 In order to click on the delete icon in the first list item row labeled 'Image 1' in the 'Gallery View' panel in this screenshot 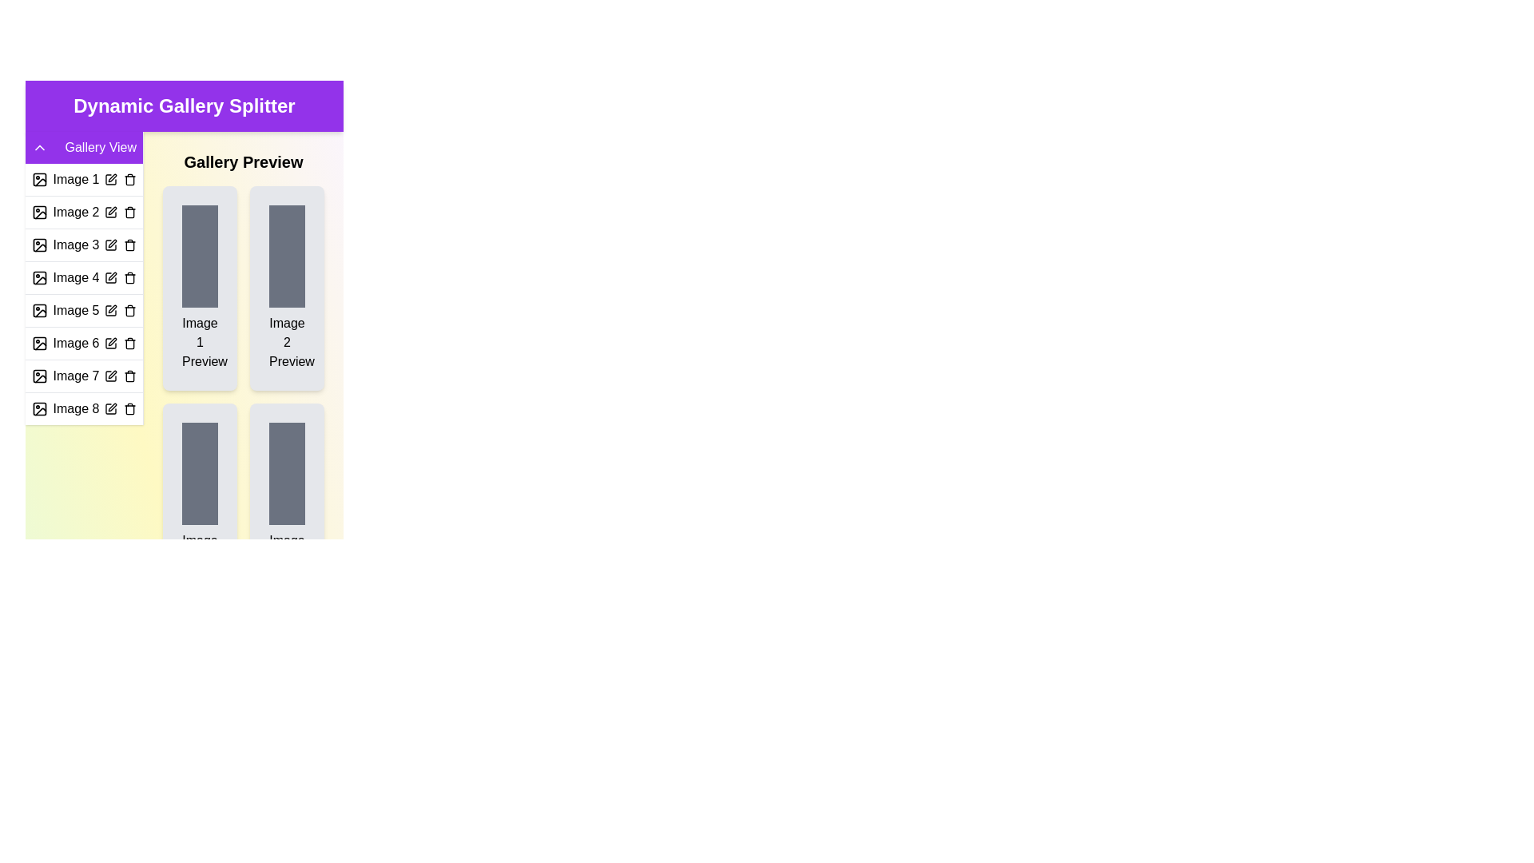, I will do `click(83, 179)`.